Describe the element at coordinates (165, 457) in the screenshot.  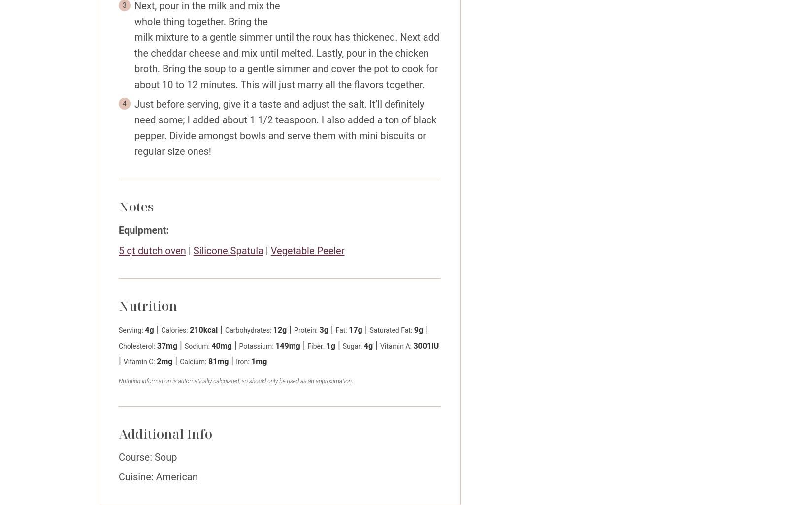
I see `'Soup'` at that location.